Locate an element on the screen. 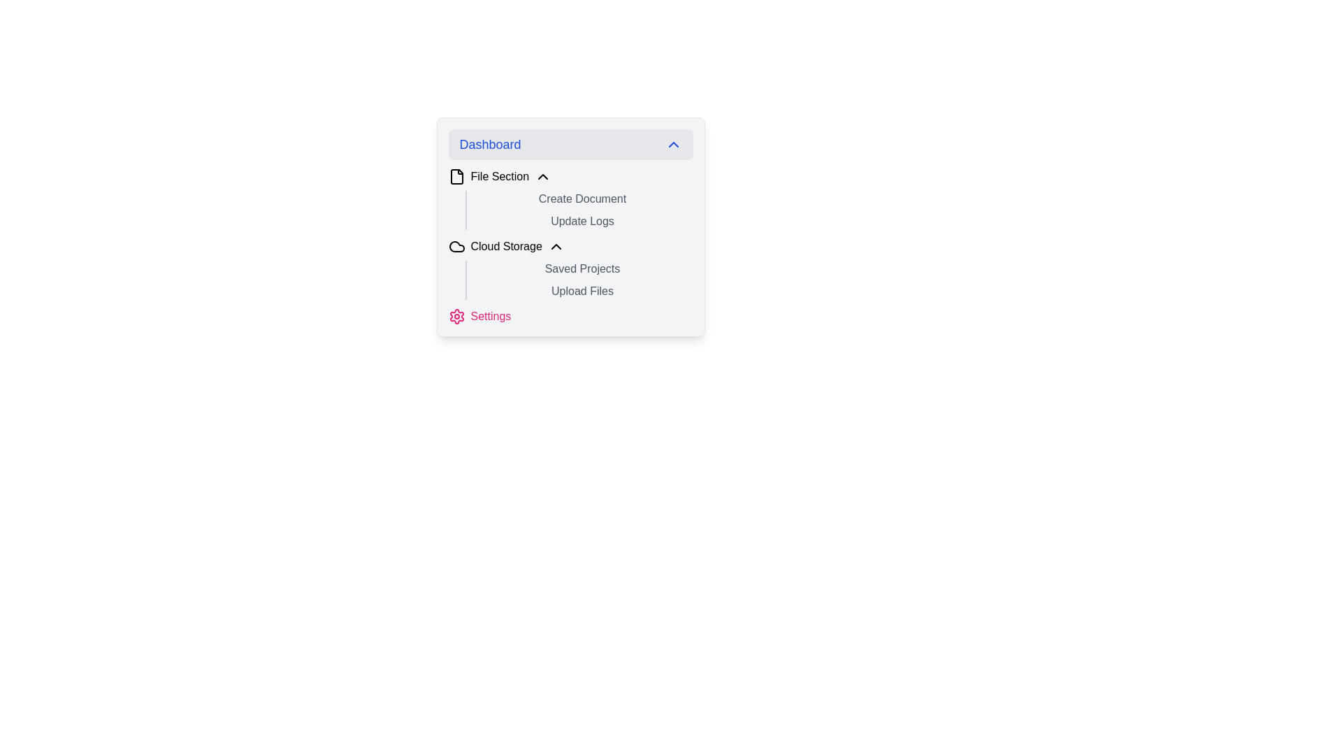  the 'Update Logs' text link, which is the second item in the vertical list under the 'File Section' heading, styled in gray and changing to black on hover is located at coordinates (579, 220).